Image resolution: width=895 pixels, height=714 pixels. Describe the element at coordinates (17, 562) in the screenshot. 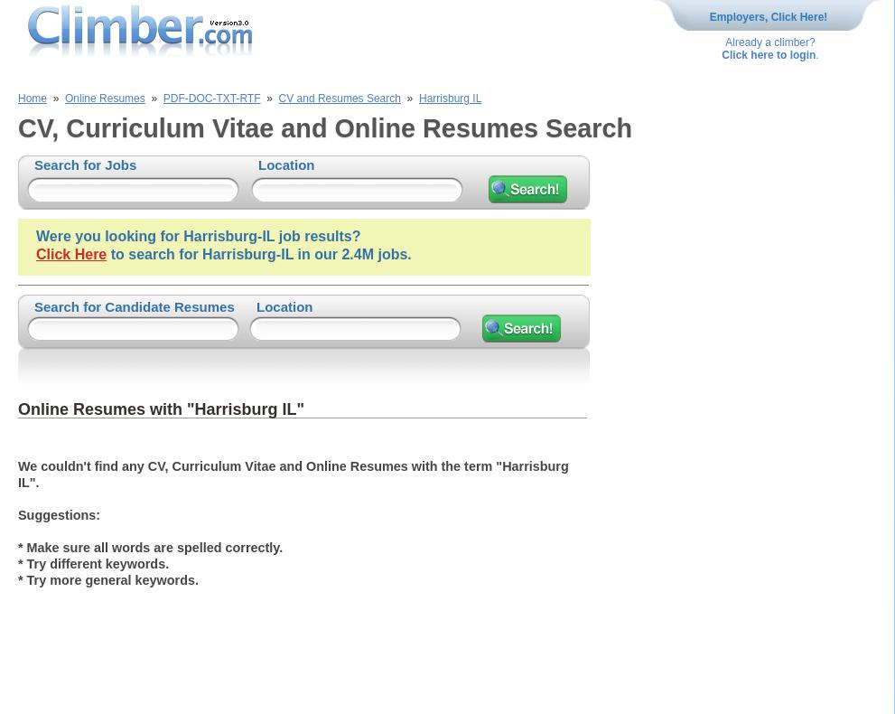

I see `'* Try different keywords.'` at that location.